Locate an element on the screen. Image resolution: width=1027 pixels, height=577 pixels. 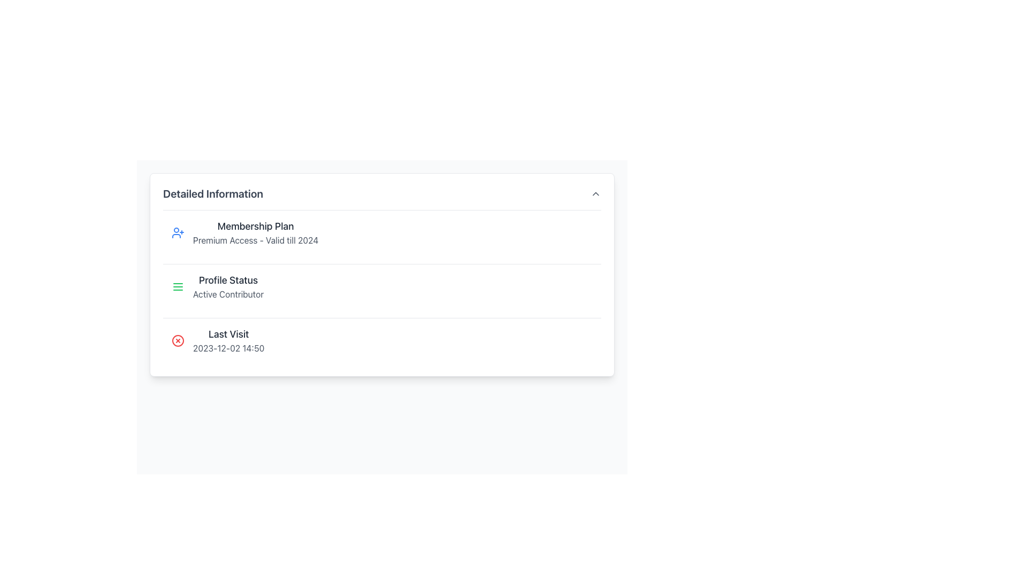
the icon representing the 'Profile Status' located to the left of the text 'Profile Status' in the 'Profile Status Active Contributor' section is located at coordinates (178, 286).